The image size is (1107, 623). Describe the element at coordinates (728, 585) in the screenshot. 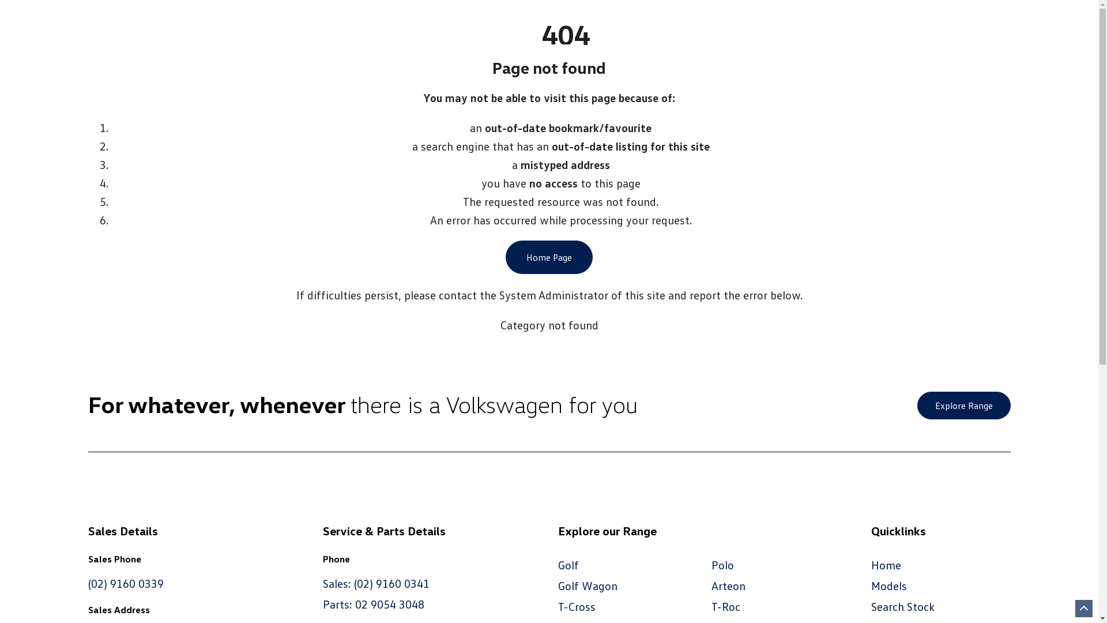

I see `'Arteon'` at that location.